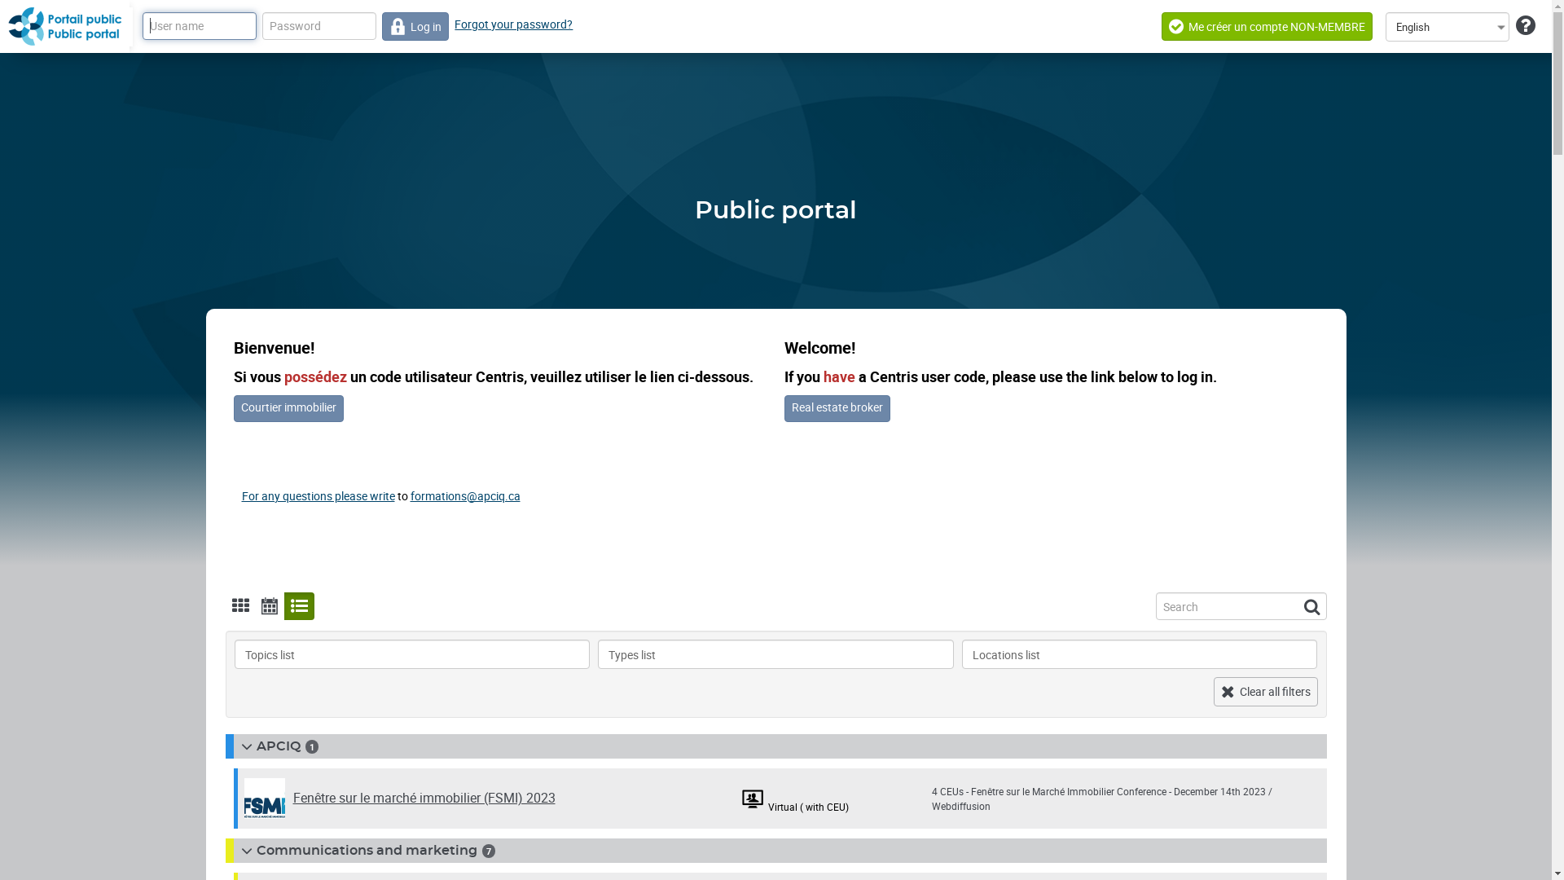  What do you see at coordinates (269, 746) in the screenshot?
I see `'APCIQ'` at bounding box center [269, 746].